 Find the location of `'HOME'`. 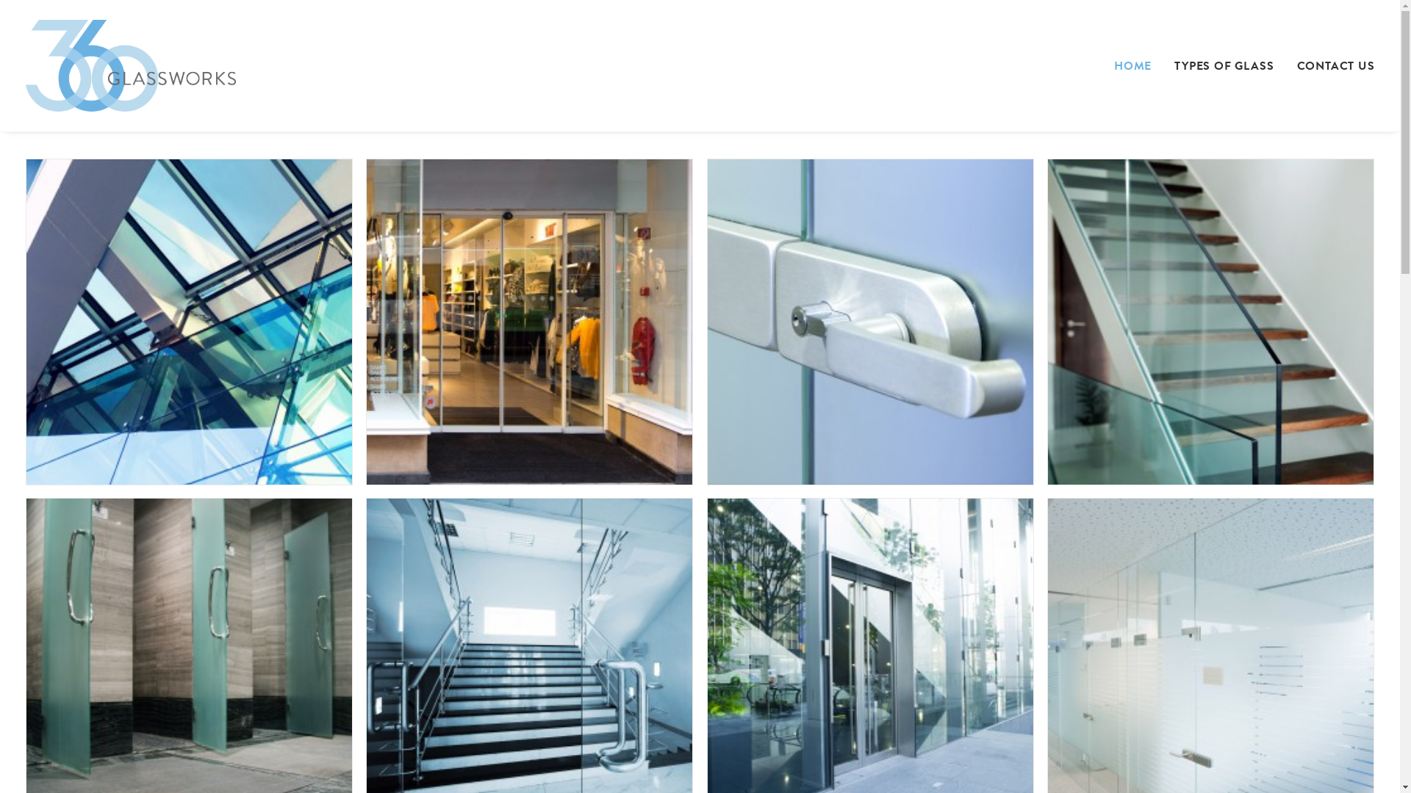

'HOME' is located at coordinates (1137, 65).